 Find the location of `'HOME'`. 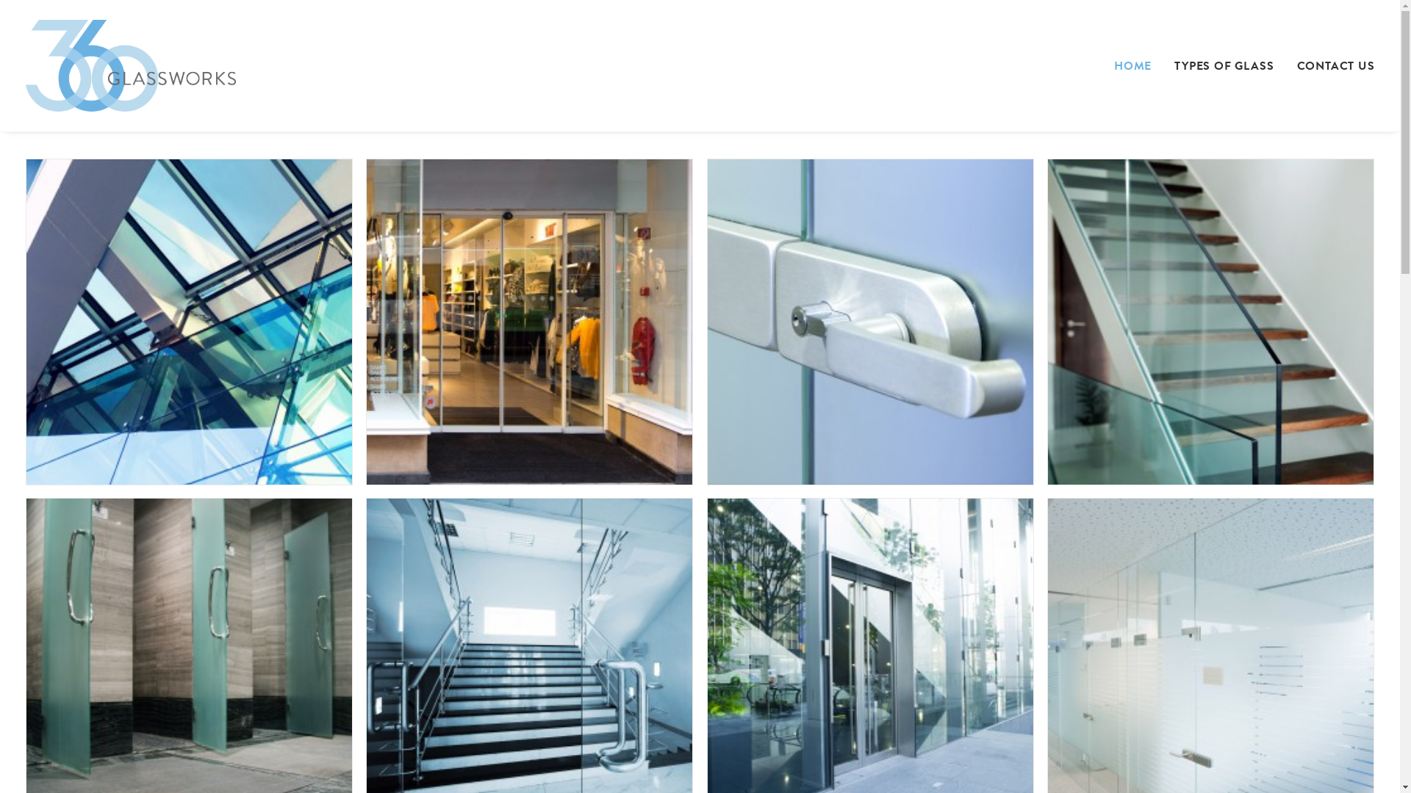

'HOME' is located at coordinates (1137, 65).